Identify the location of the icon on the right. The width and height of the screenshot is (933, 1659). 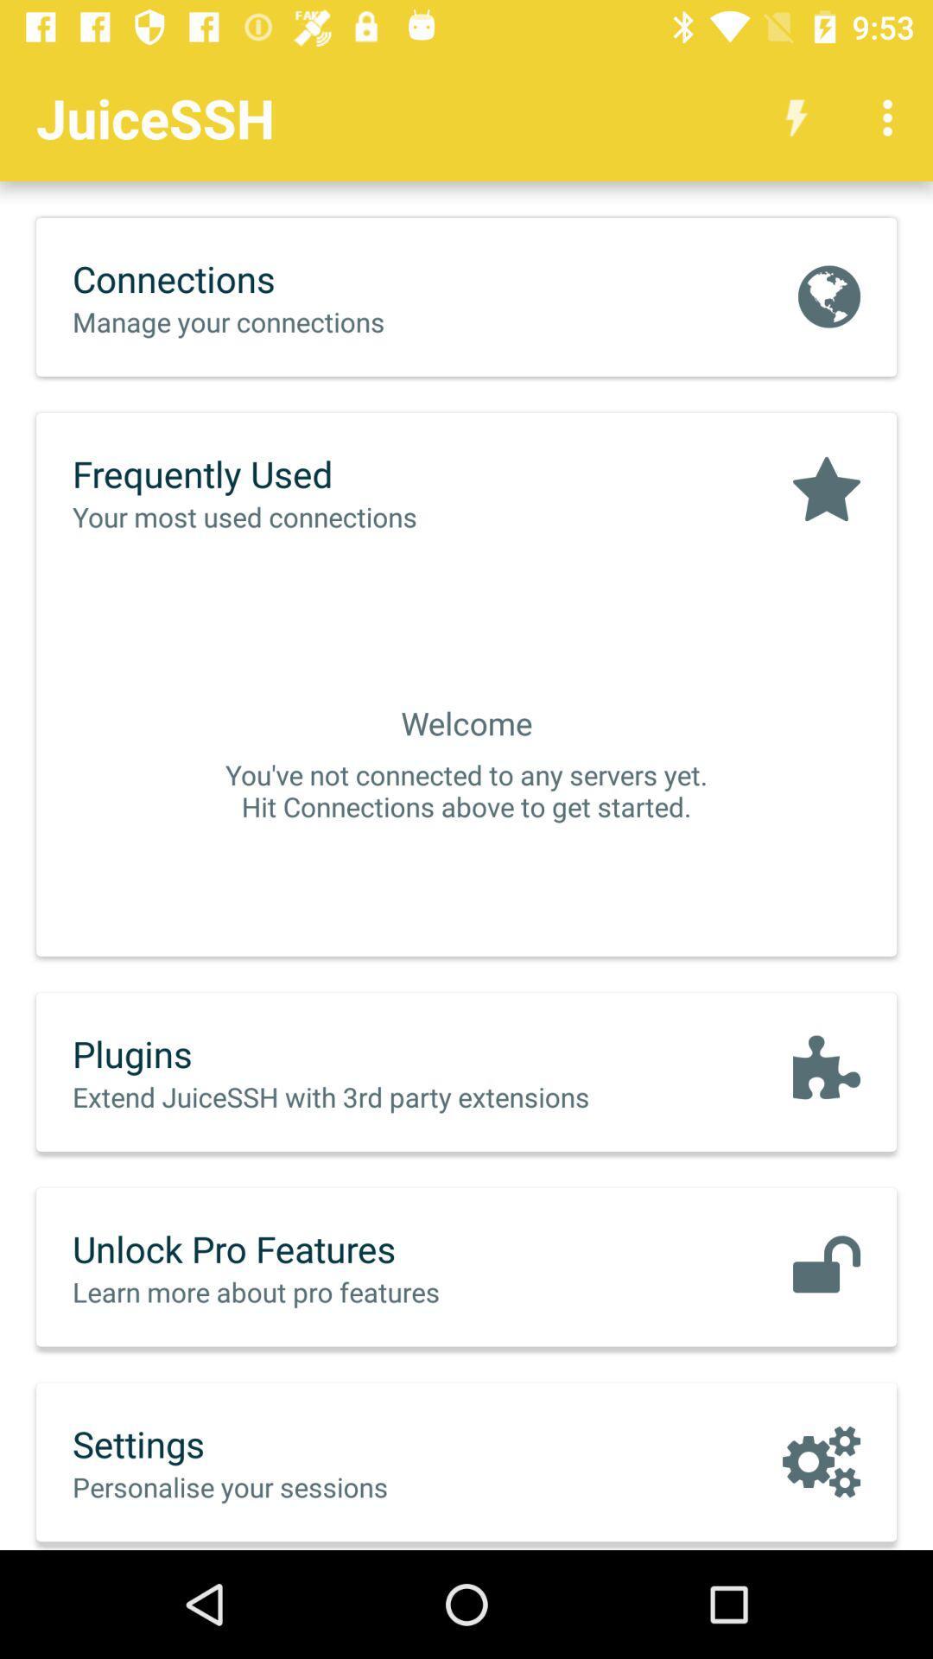
(825, 1071).